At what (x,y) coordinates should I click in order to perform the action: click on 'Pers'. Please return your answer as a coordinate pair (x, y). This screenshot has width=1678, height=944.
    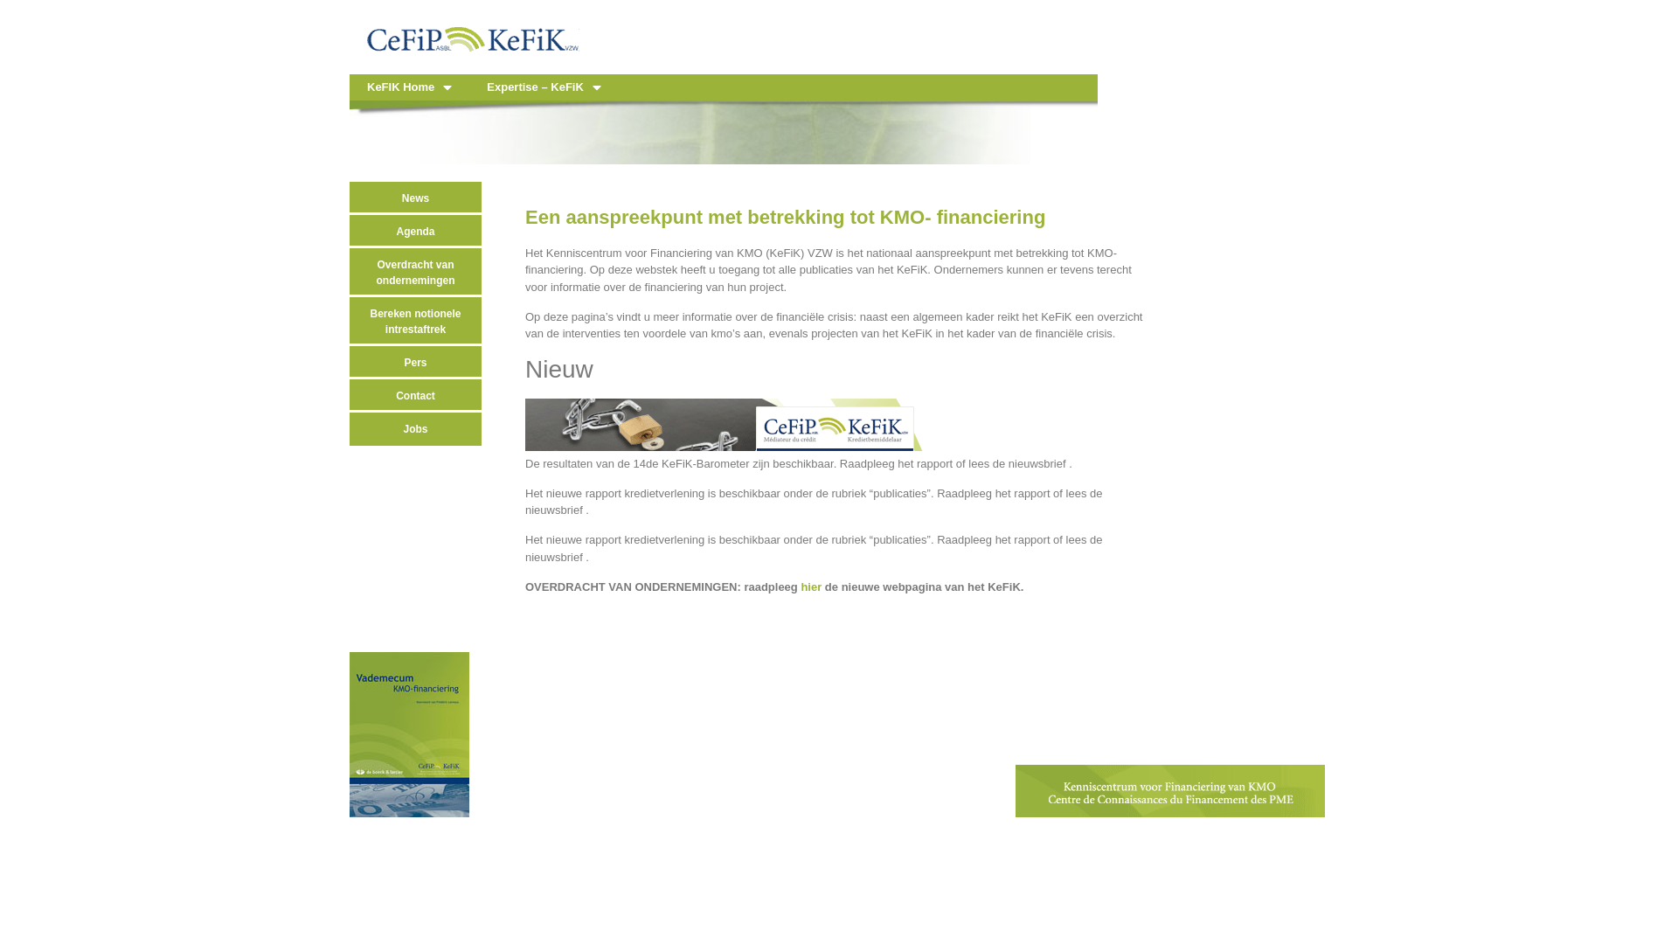
    Looking at the image, I should click on (414, 362).